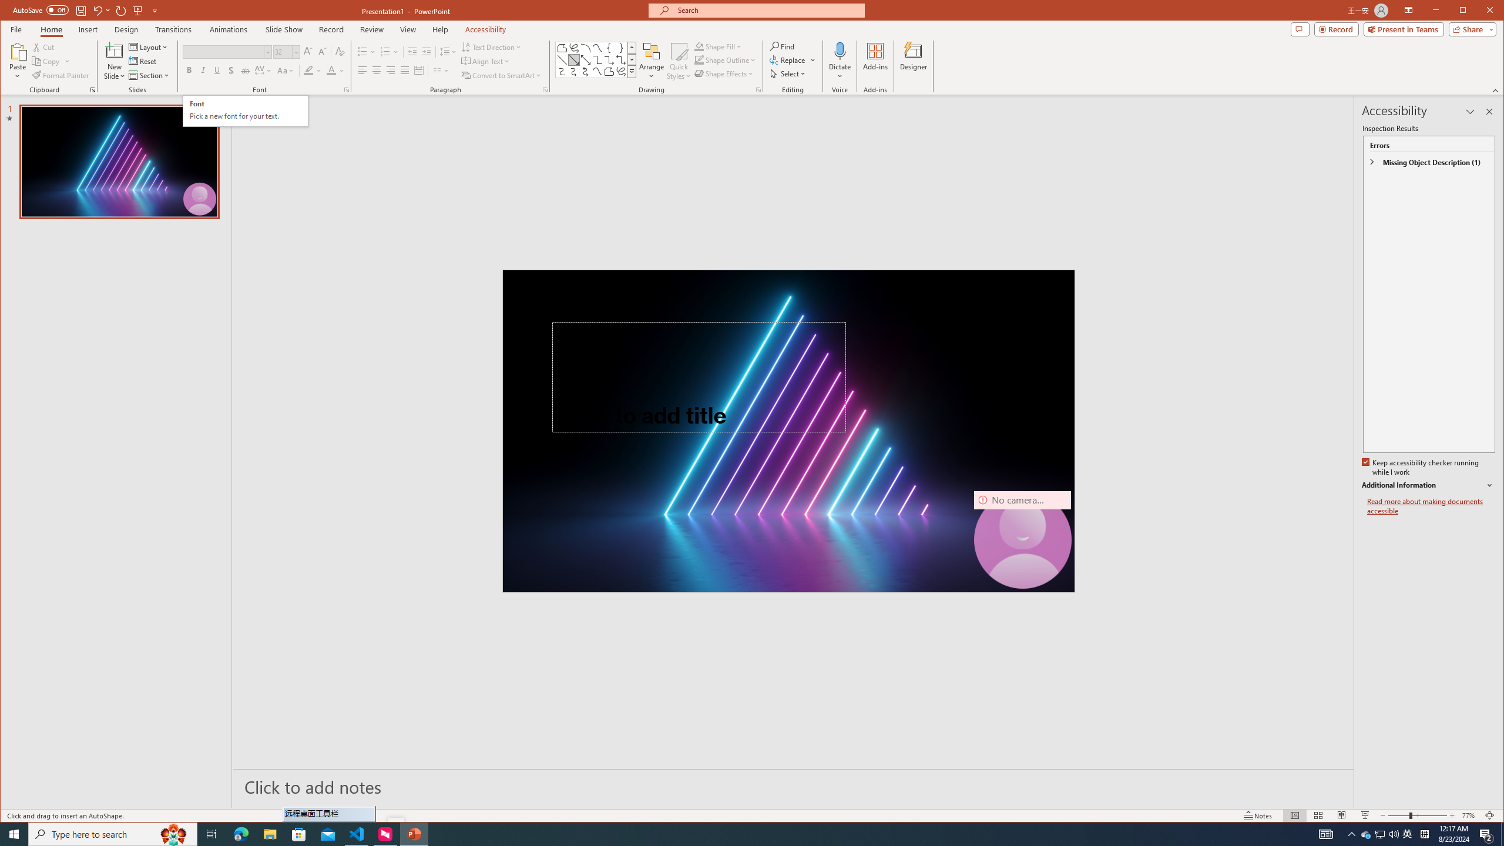  Describe the element at coordinates (620, 60) in the screenshot. I see `'Connector: Elbow Double-Arrow'` at that location.